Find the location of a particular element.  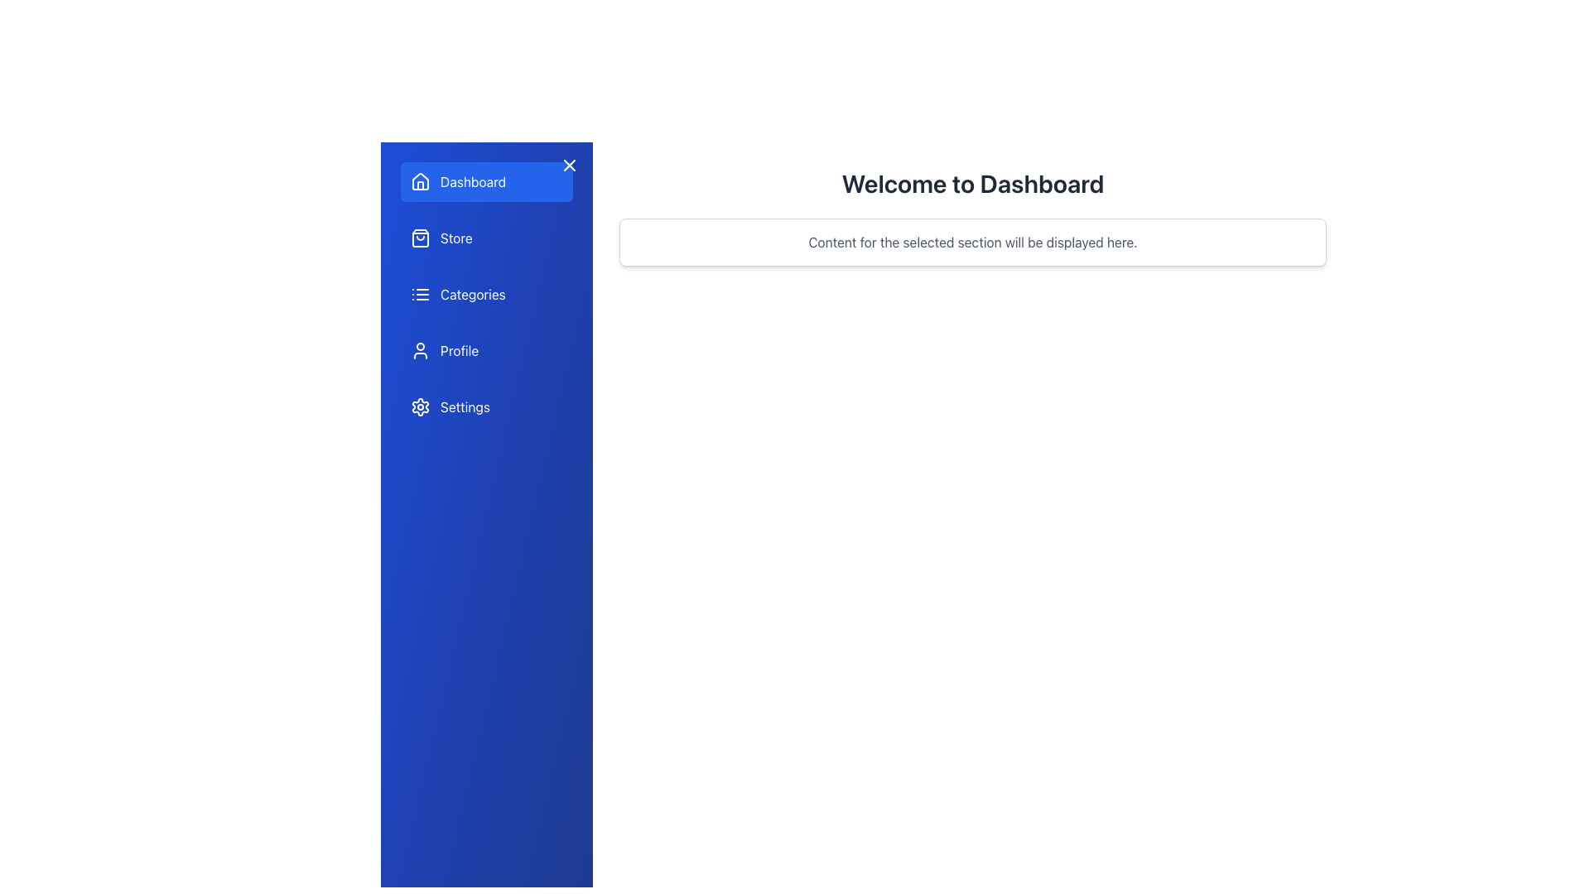

the settings icon, which is an SVG located to the left of the 'Settings' label in the bottom section of the navigation list is located at coordinates (421, 407).